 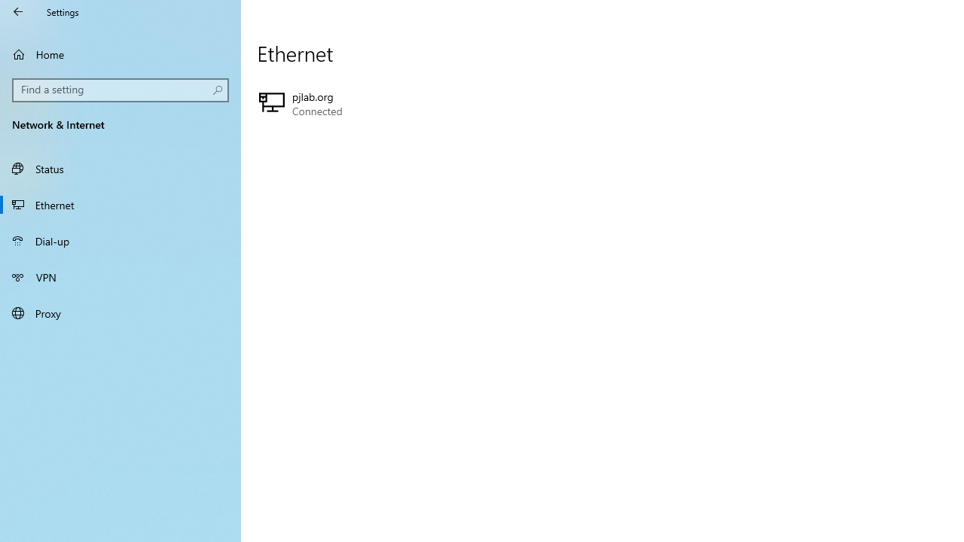 What do you see at coordinates (120, 53) in the screenshot?
I see `'Home'` at bounding box center [120, 53].